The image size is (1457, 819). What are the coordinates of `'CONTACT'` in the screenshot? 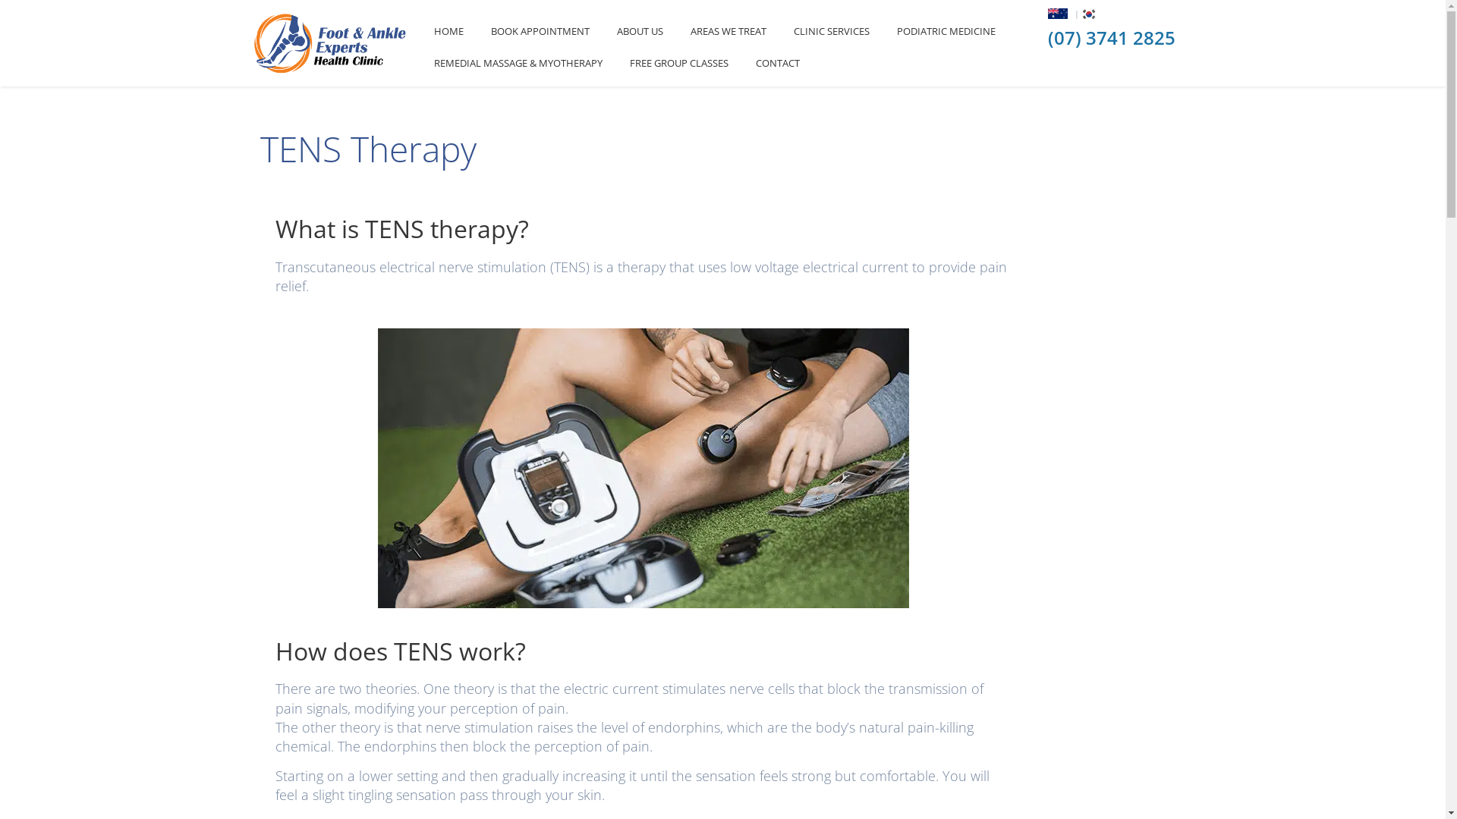 It's located at (742, 62).